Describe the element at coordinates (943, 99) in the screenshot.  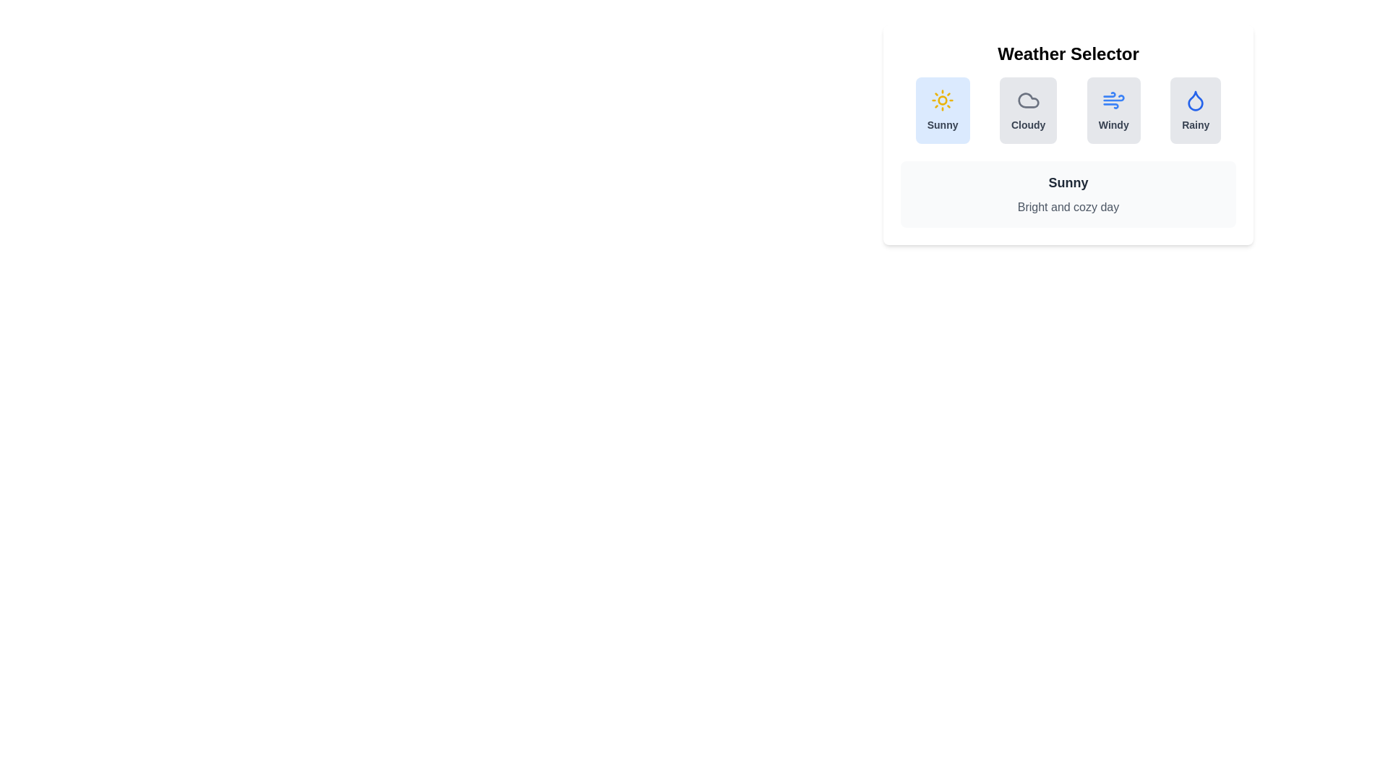
I see `the sunny weather icon in the weather selector UI` at that location.